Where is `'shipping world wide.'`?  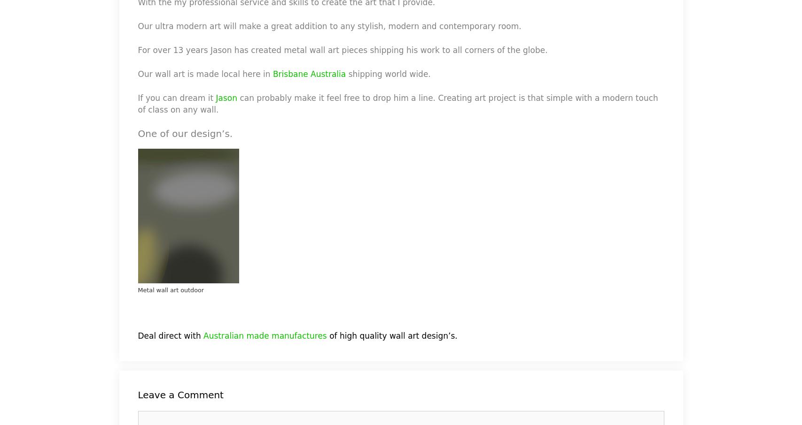
'shipping world wide.' is located at coordinates (388, 74).